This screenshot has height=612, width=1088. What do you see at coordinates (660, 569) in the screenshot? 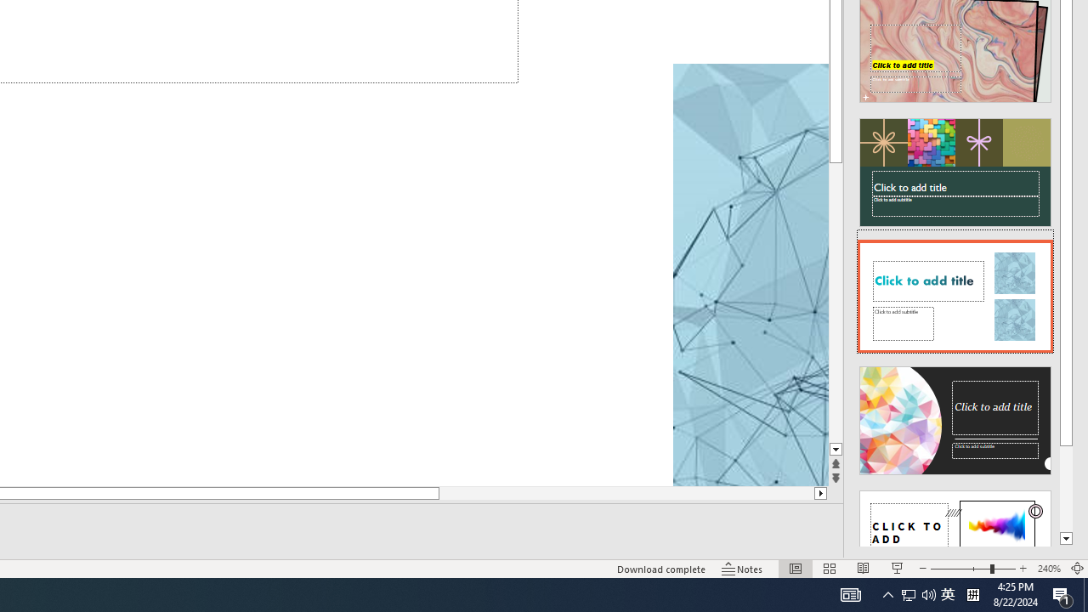
I see `'Download complete '` at bounding box center [660, 569].